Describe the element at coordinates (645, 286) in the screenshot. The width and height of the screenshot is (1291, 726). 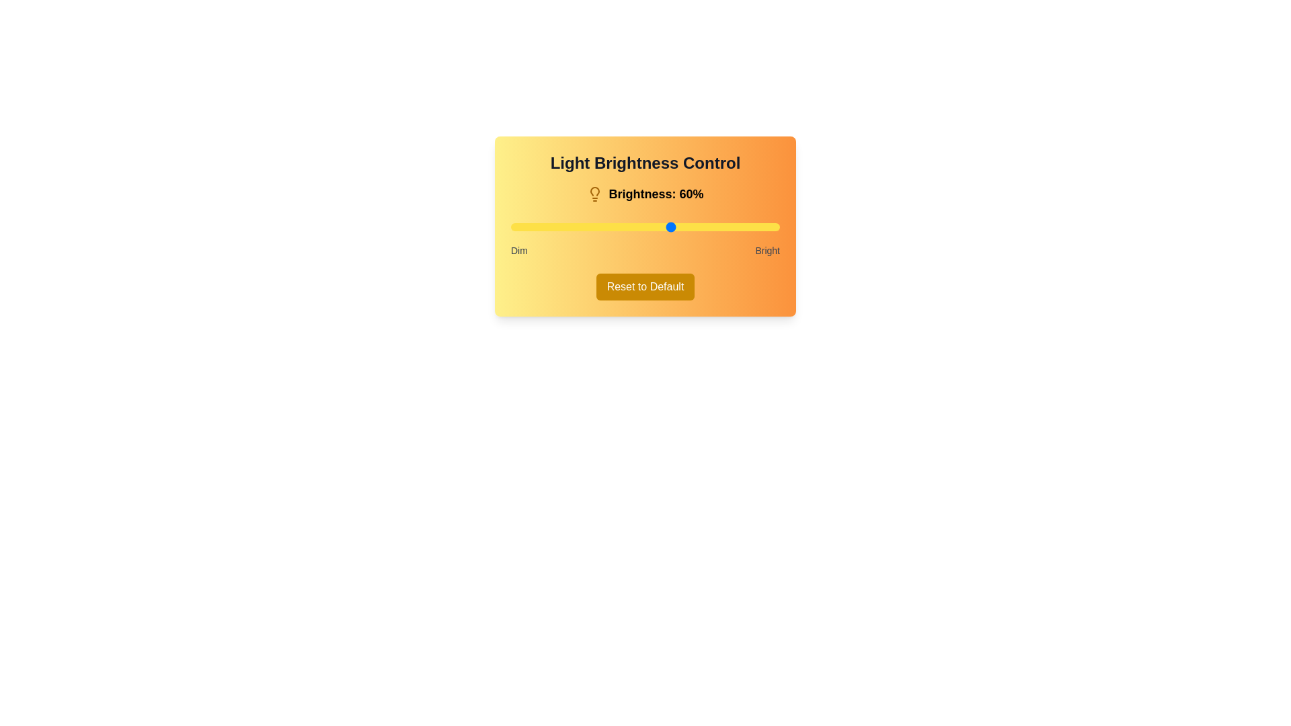
I see `the 'Reset to Default' button to reset the brightness to the default value` at that location.